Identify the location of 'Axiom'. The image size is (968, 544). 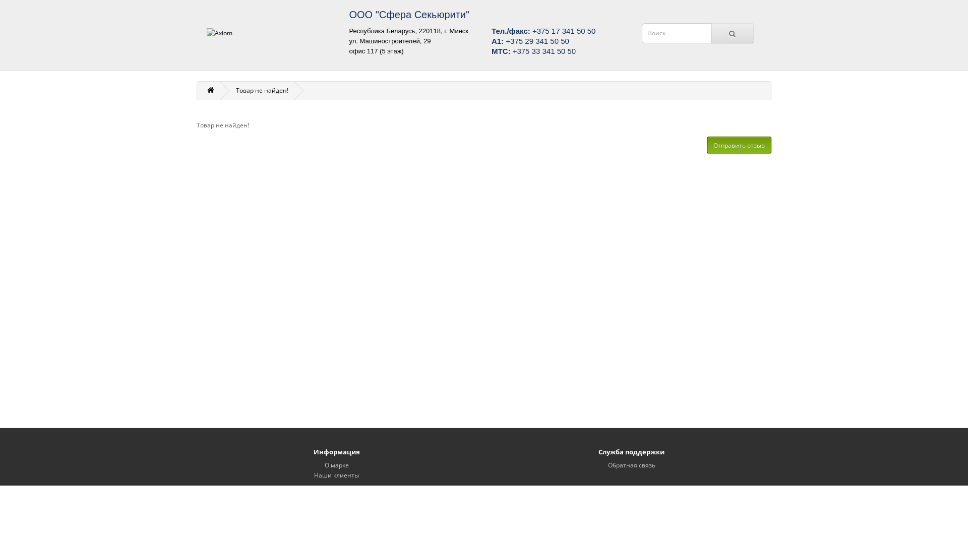
(206, 32).